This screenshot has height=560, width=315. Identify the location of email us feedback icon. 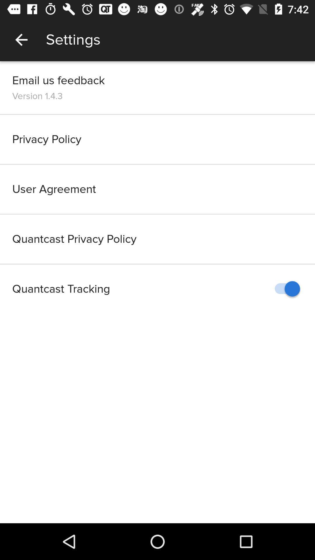
(58, 80).